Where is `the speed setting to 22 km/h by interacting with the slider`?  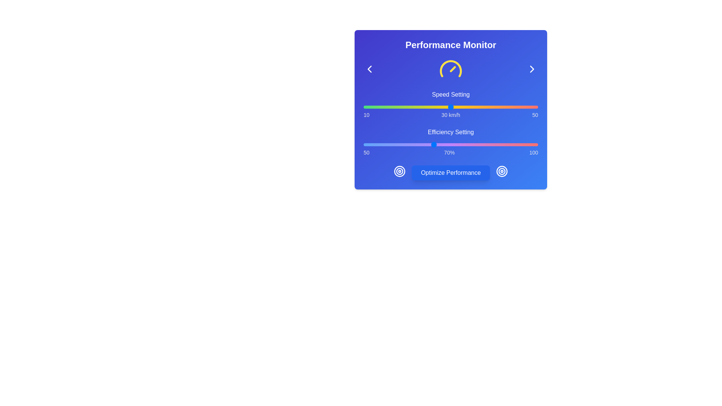
the speed setting to 22 km/h by interacting with the slider is located at coordinates (416, 107).